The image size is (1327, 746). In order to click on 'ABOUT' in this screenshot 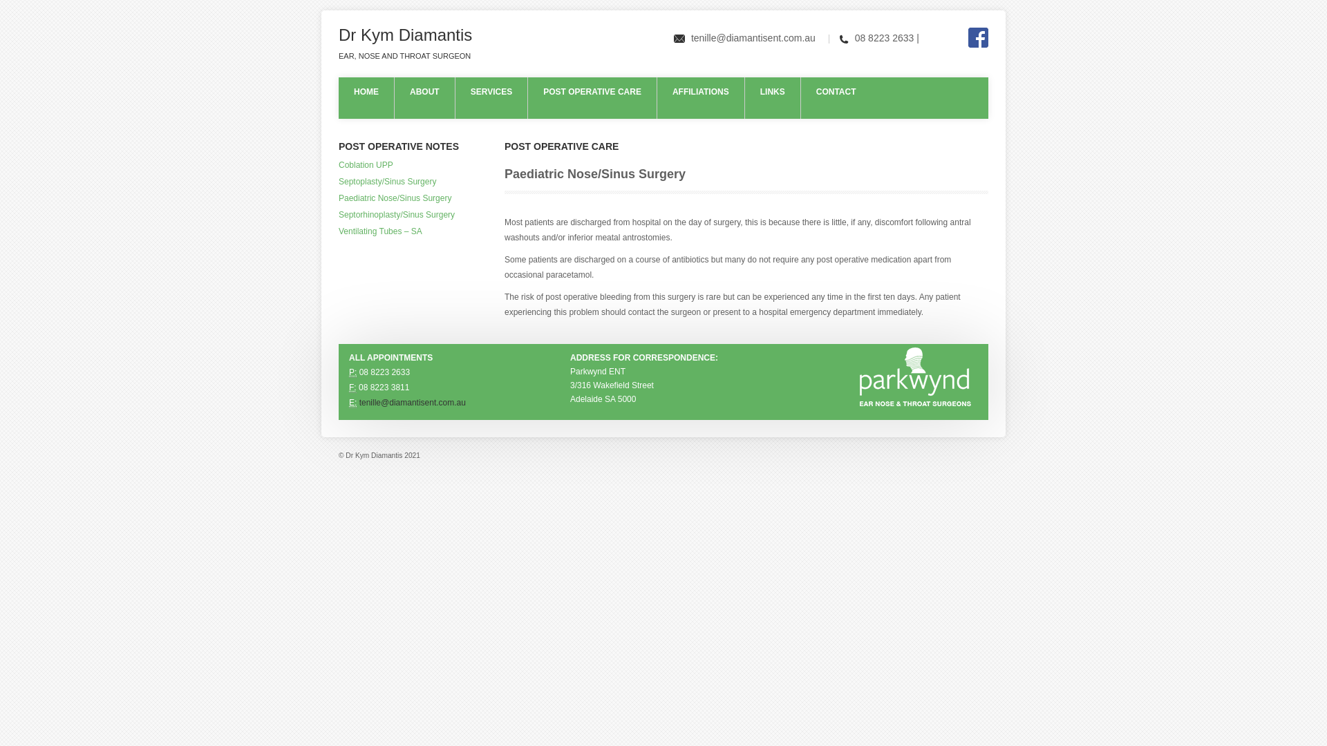, I will do `click(424, 97)`.